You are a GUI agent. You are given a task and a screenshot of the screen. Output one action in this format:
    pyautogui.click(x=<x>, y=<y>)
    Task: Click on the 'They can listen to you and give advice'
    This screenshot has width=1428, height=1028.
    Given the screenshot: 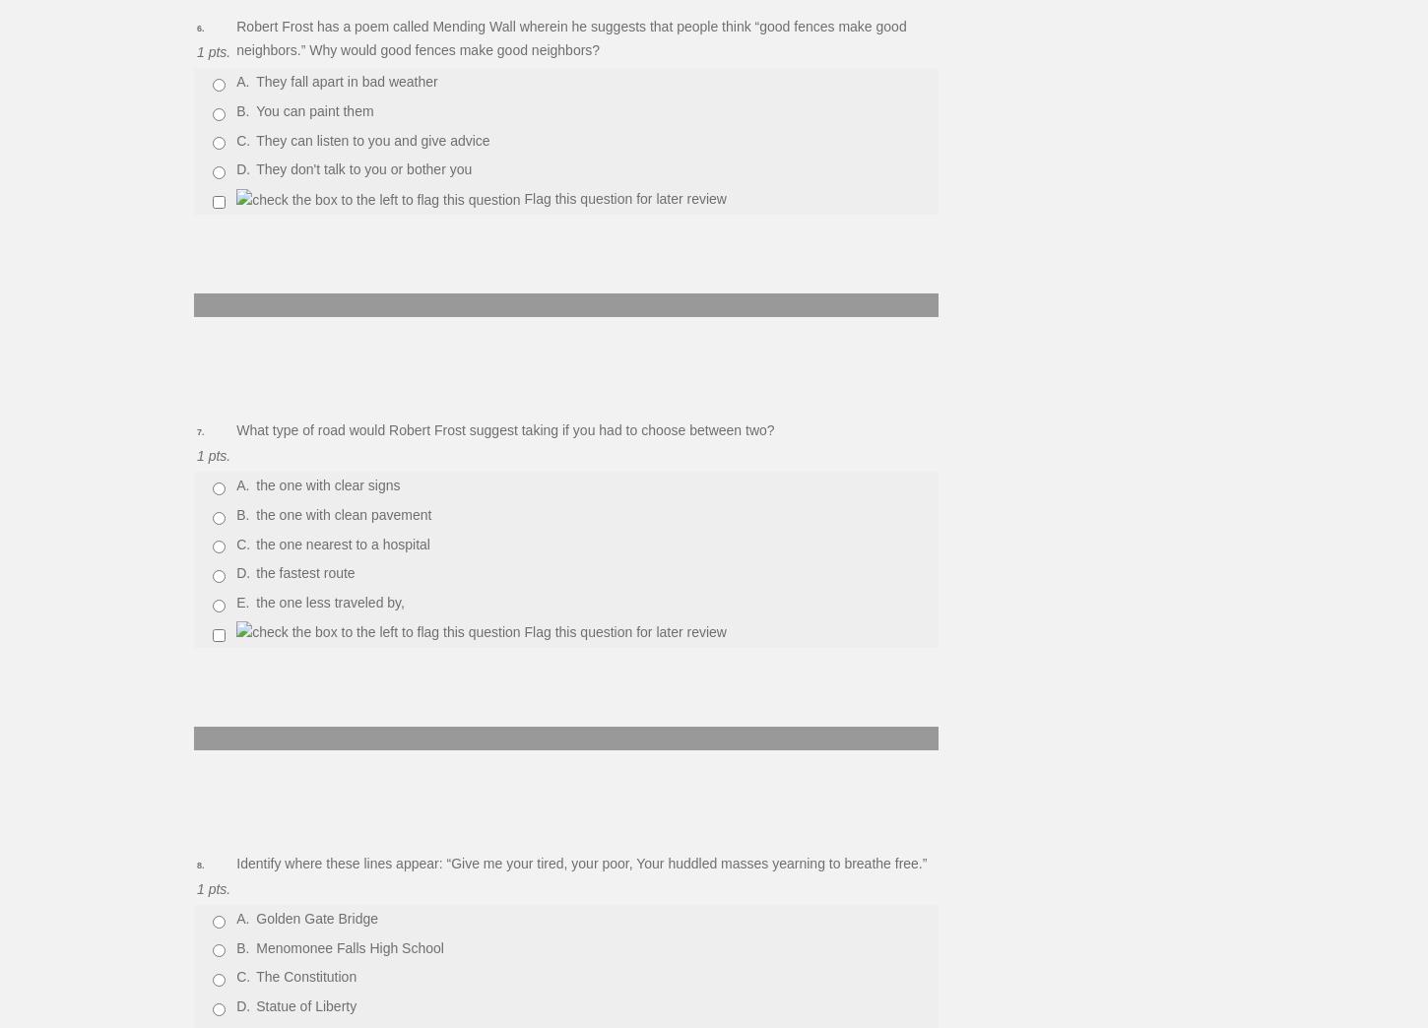 What is the action you would take?
    pyautogui.click(x=371, y=138)
    